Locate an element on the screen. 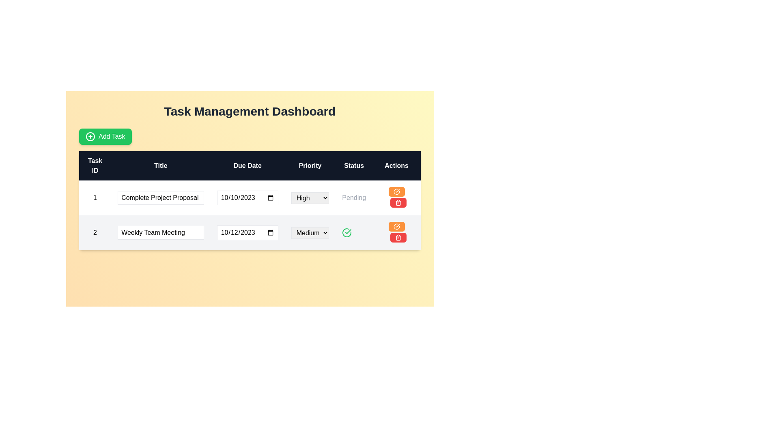 This screenshot has width=779, height=438. the button that adds a new task to the task management system, located in the top-left corner of the interface is located at coordinates (105, 136).